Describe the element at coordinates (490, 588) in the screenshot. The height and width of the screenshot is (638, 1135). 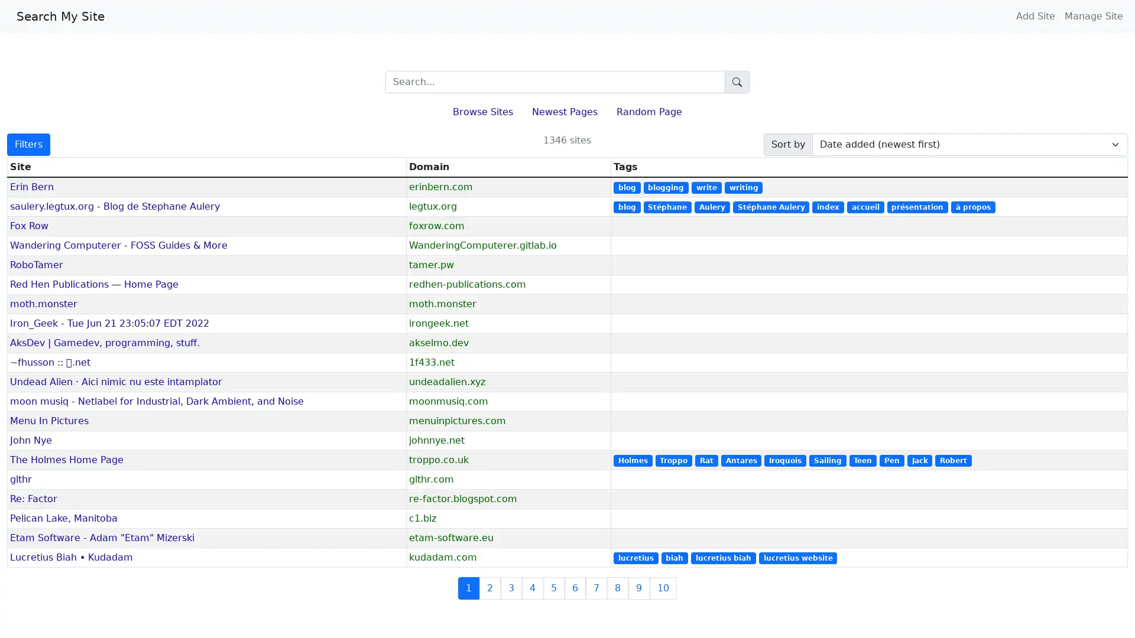
I see `2` at that location.